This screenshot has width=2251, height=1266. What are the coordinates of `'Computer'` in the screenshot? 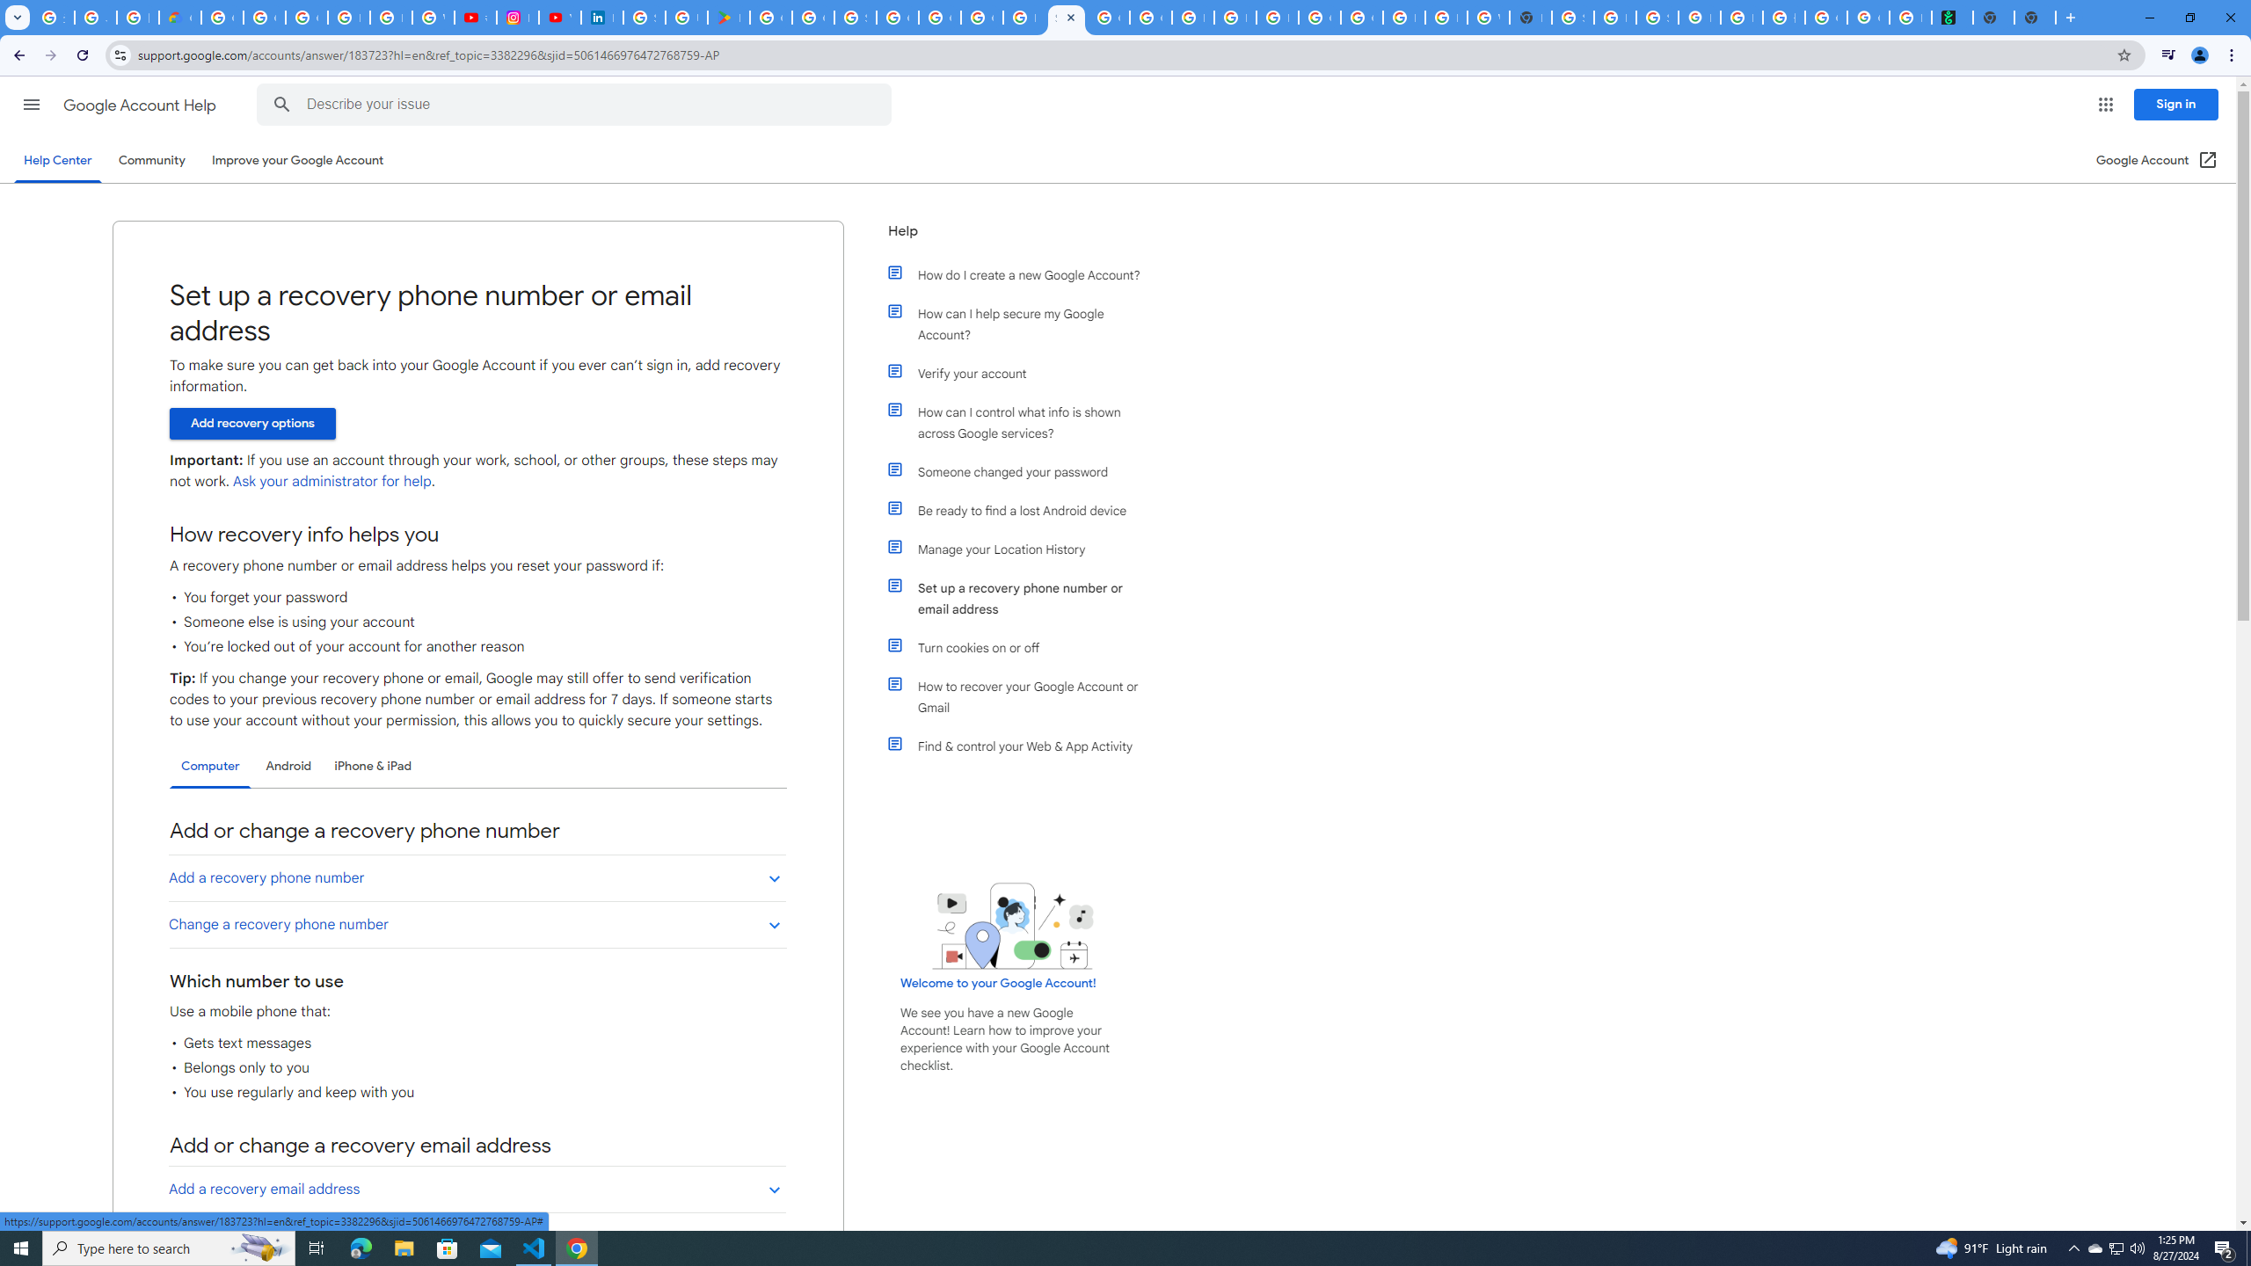 It's located at (210, 767).